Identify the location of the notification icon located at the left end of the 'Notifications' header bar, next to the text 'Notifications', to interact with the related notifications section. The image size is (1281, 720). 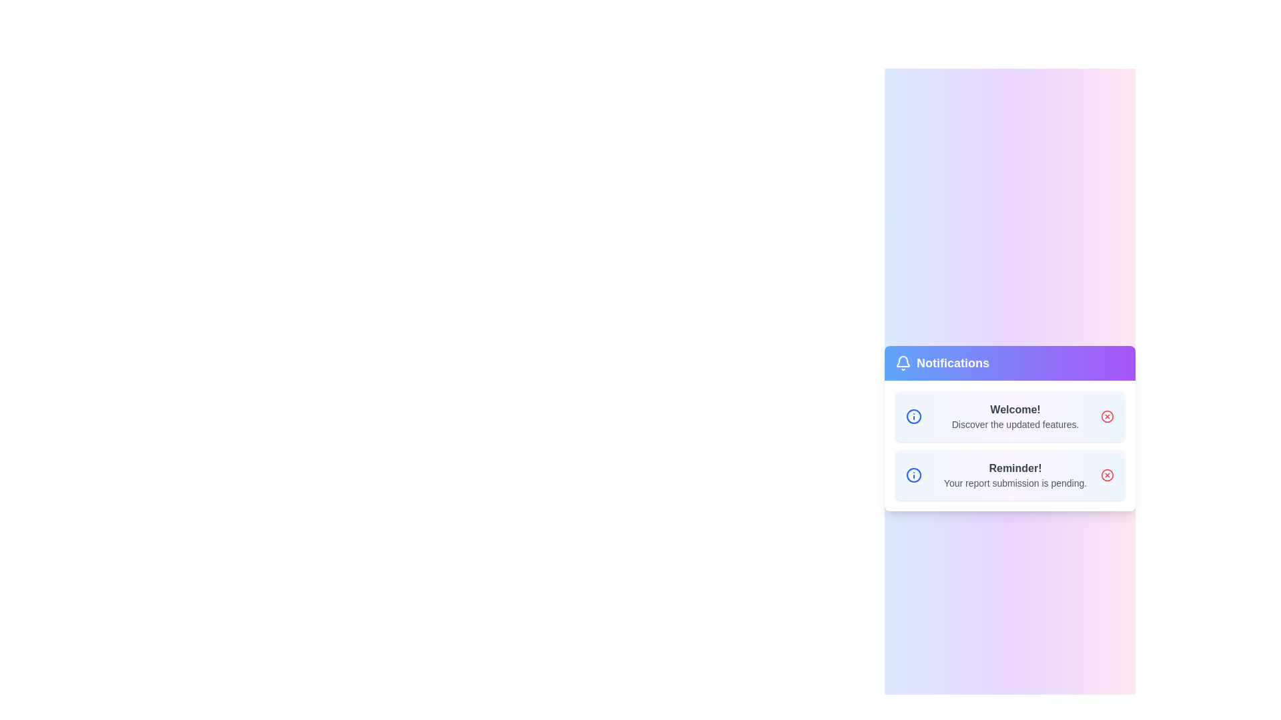
(903, 363).